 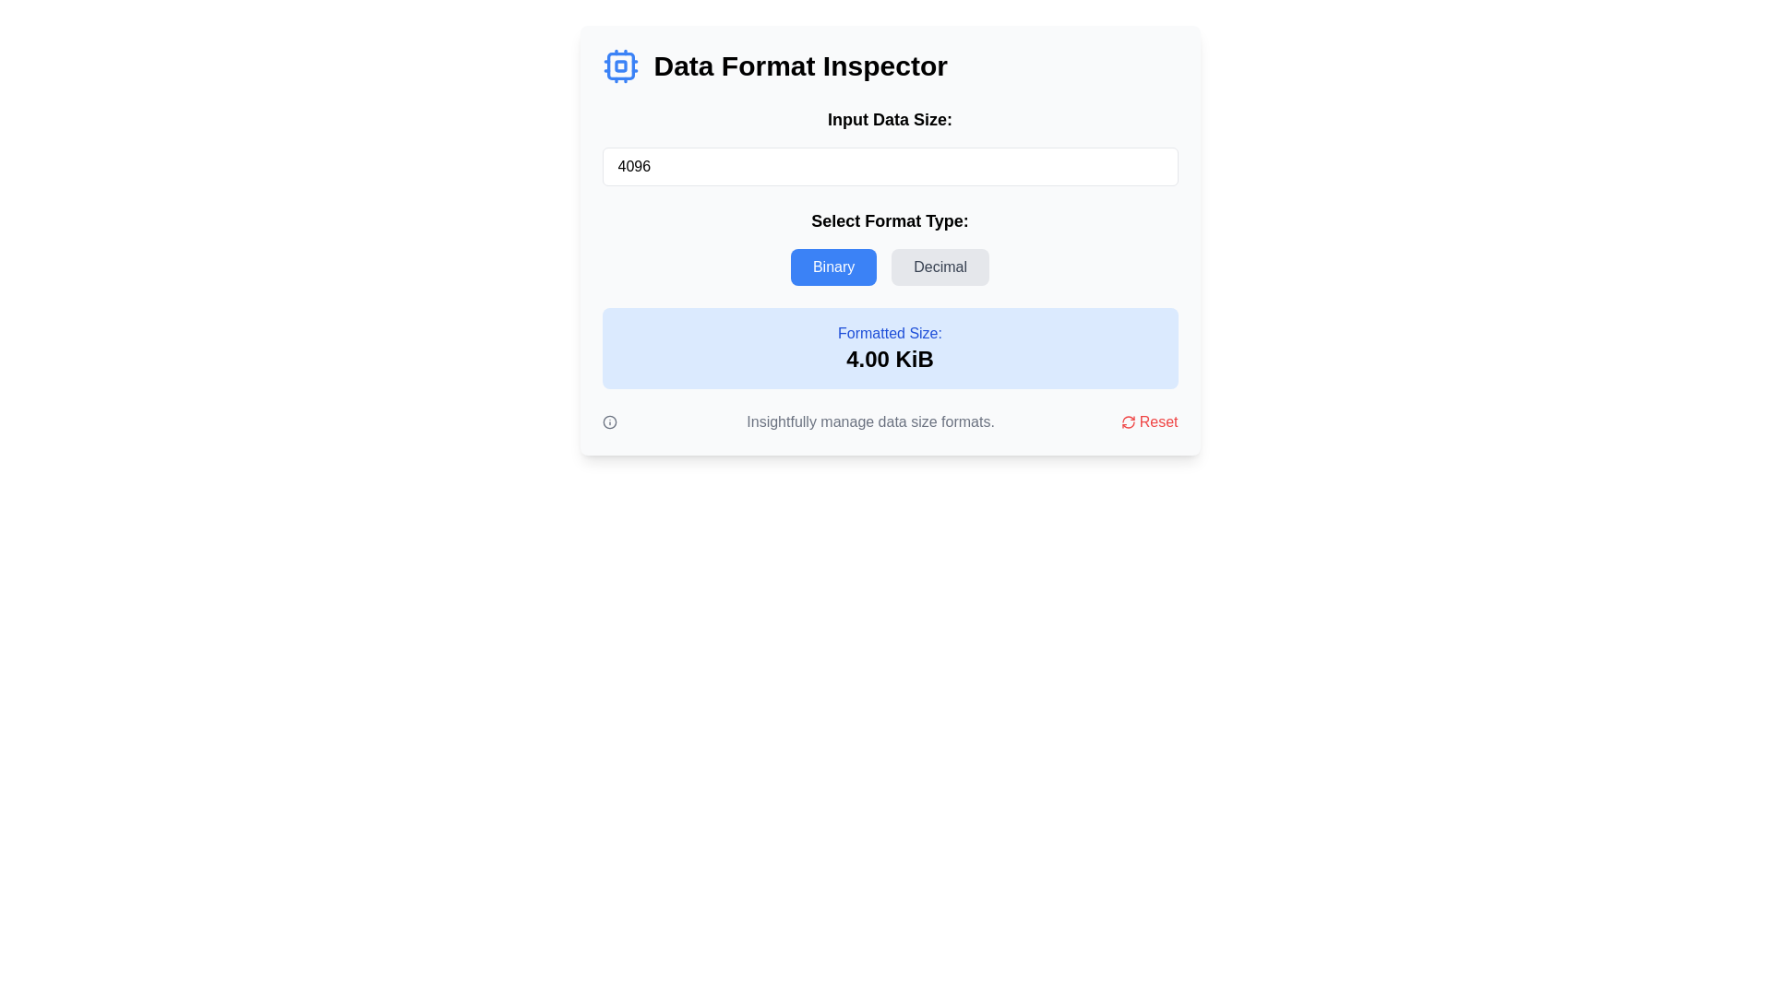 What do you see at coordinates (940, 267) in the screenshot?
I see `the 'Decimal' button, which has a gray background and rounded corners` at bounding box center [940, 267].